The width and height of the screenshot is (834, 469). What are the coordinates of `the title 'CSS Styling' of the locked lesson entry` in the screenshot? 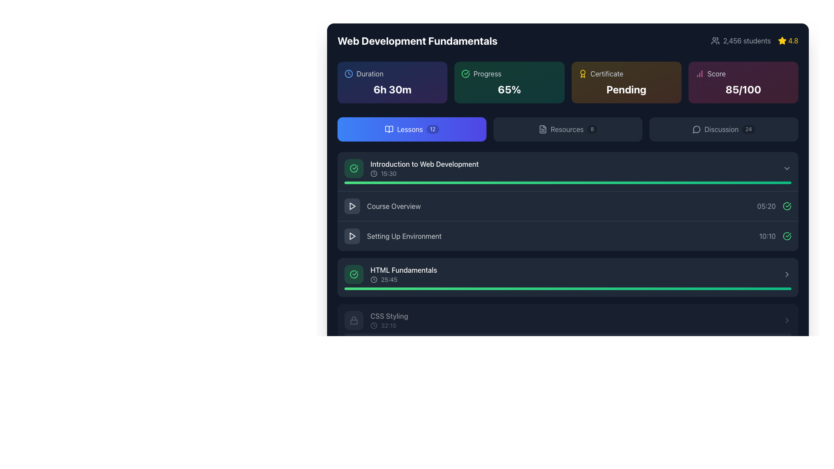 It's located at (389, 320).